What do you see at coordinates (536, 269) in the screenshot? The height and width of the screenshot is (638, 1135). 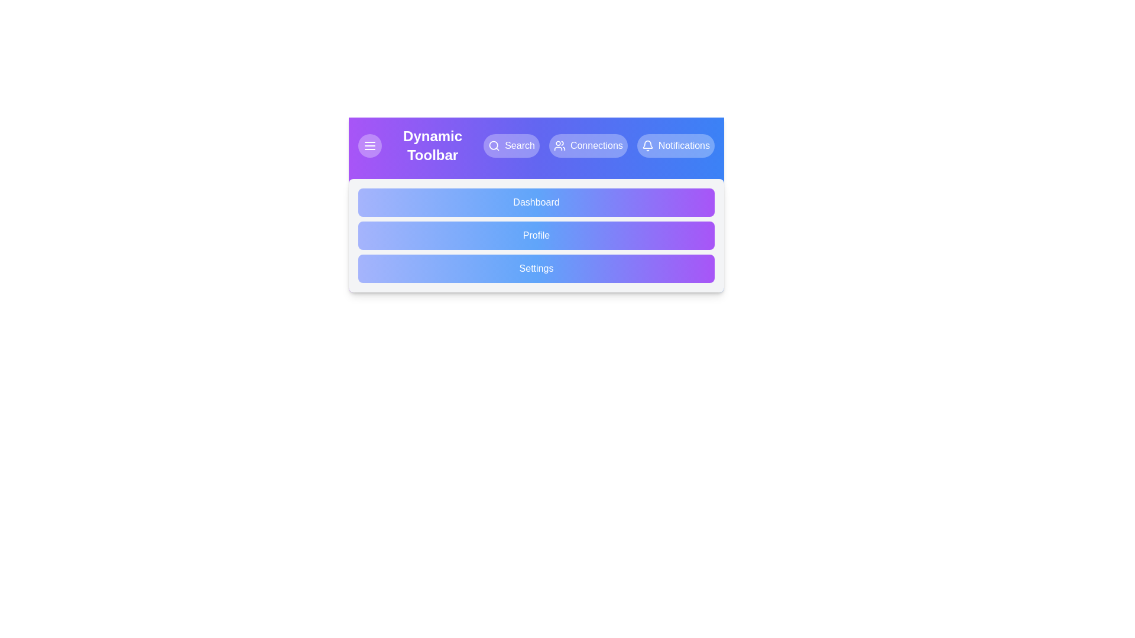 I see `the 'Settings' option in the menu` at bounding box center [536, 269].